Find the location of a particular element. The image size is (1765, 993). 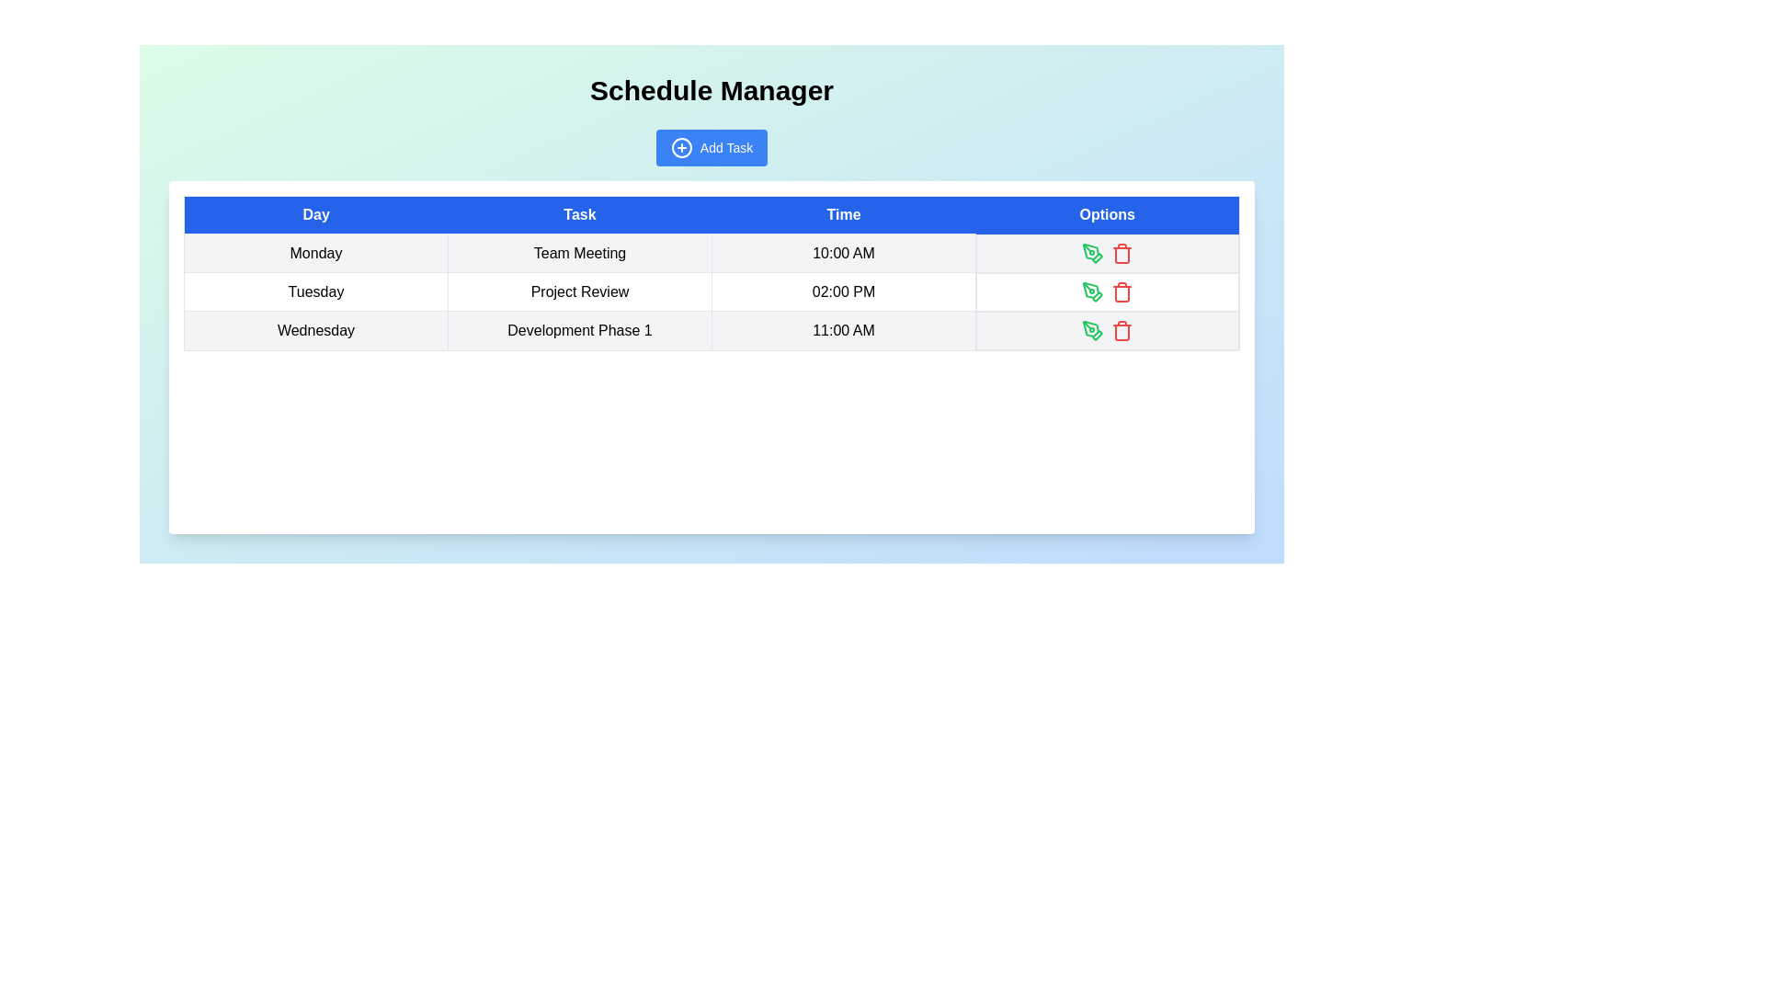

the delete icon for the task corresponding to Project Review is located at coordinates (1121, 291).